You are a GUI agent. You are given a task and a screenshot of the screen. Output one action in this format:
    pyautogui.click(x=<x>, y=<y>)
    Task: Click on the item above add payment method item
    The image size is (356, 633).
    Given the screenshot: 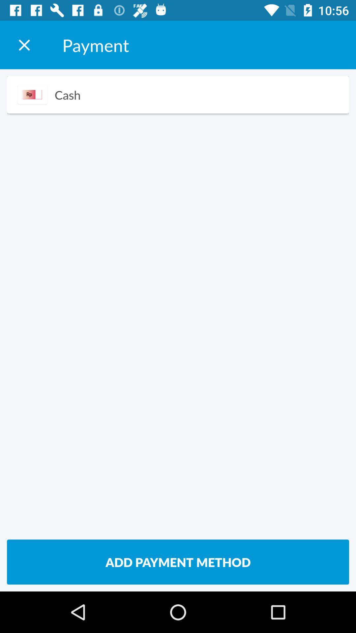 What is the action you would take?
    pyautogui.click(x=32, y=94)
    